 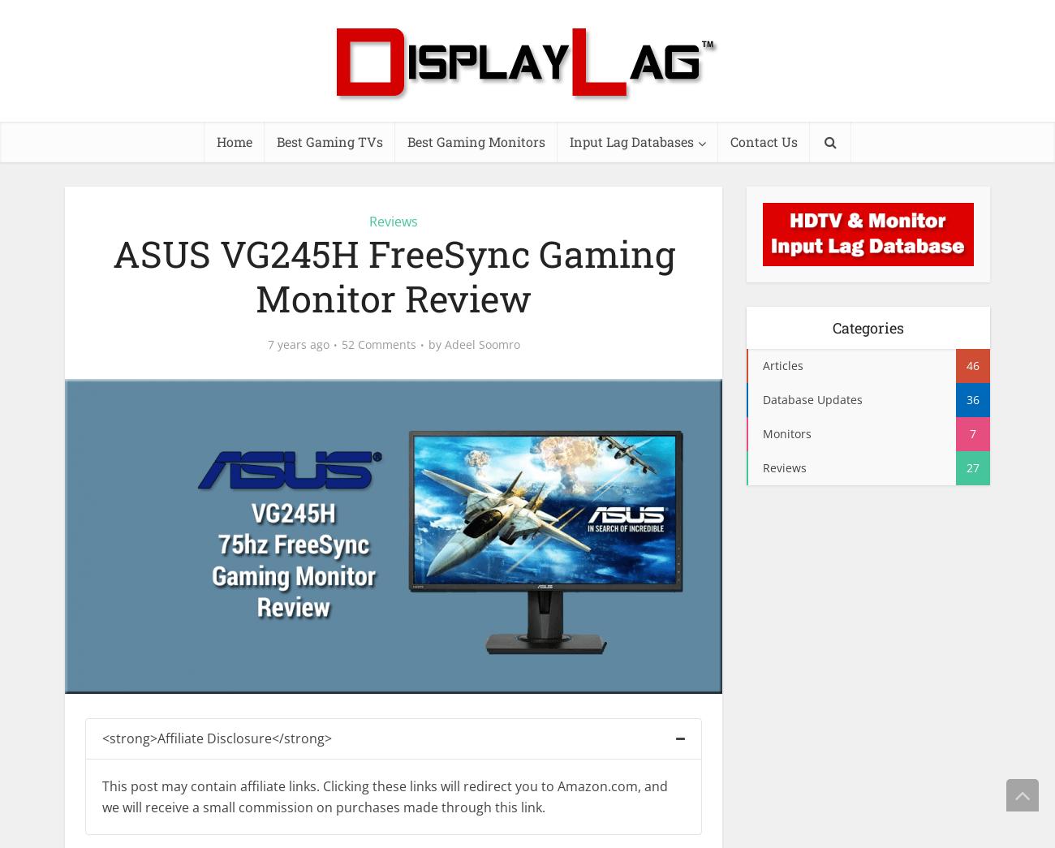 What do you see at coordinates (443, 343) in the screenshot?
I see `'Adeel Soomro'` at bounding box center [443, 343].